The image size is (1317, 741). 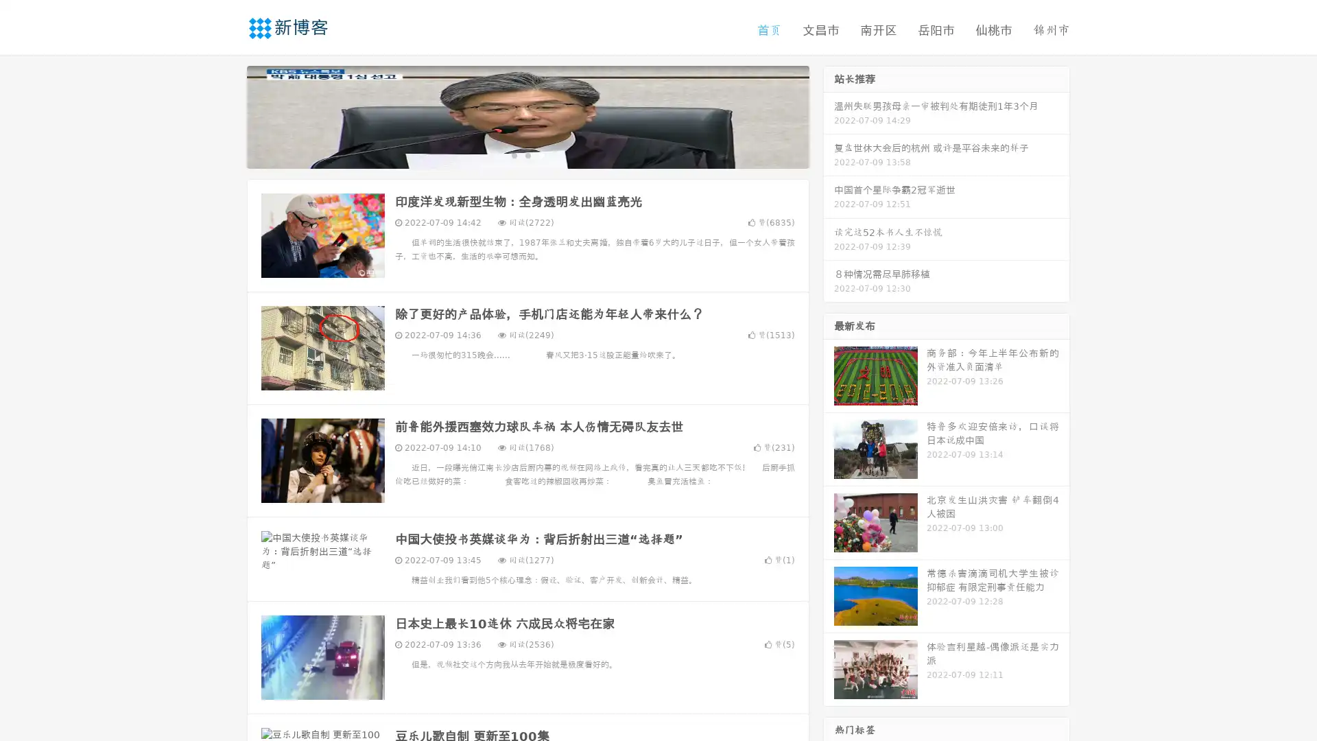 I want to click on Previous slide, so click(x=226, y=115).